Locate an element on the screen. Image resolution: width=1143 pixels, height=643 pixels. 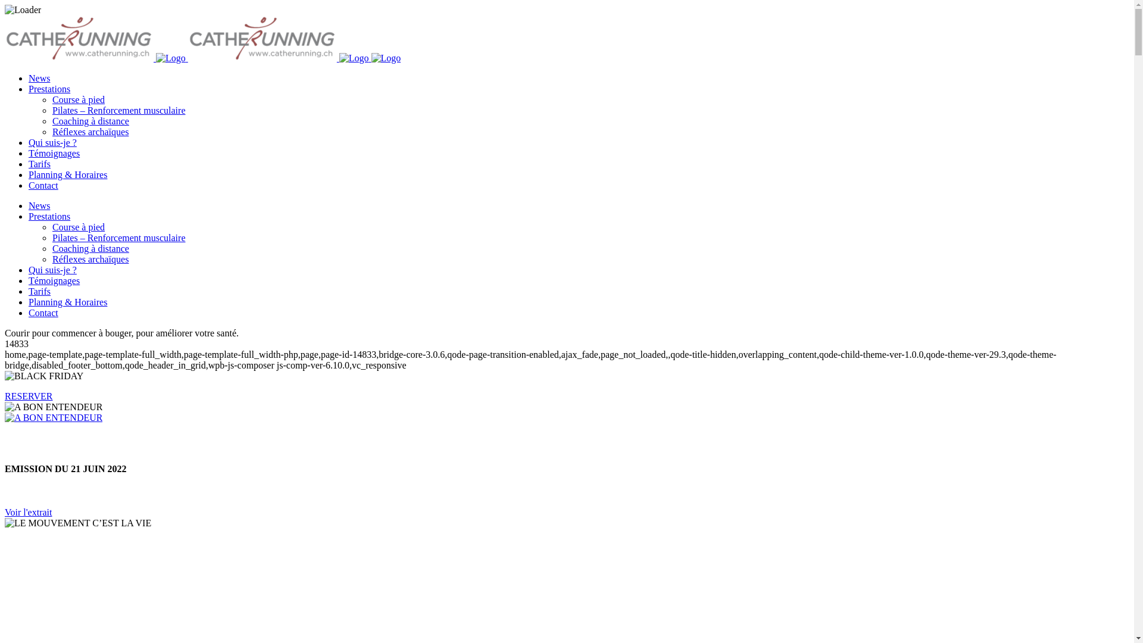
'Prestations' is located at coordinates (29, 216).